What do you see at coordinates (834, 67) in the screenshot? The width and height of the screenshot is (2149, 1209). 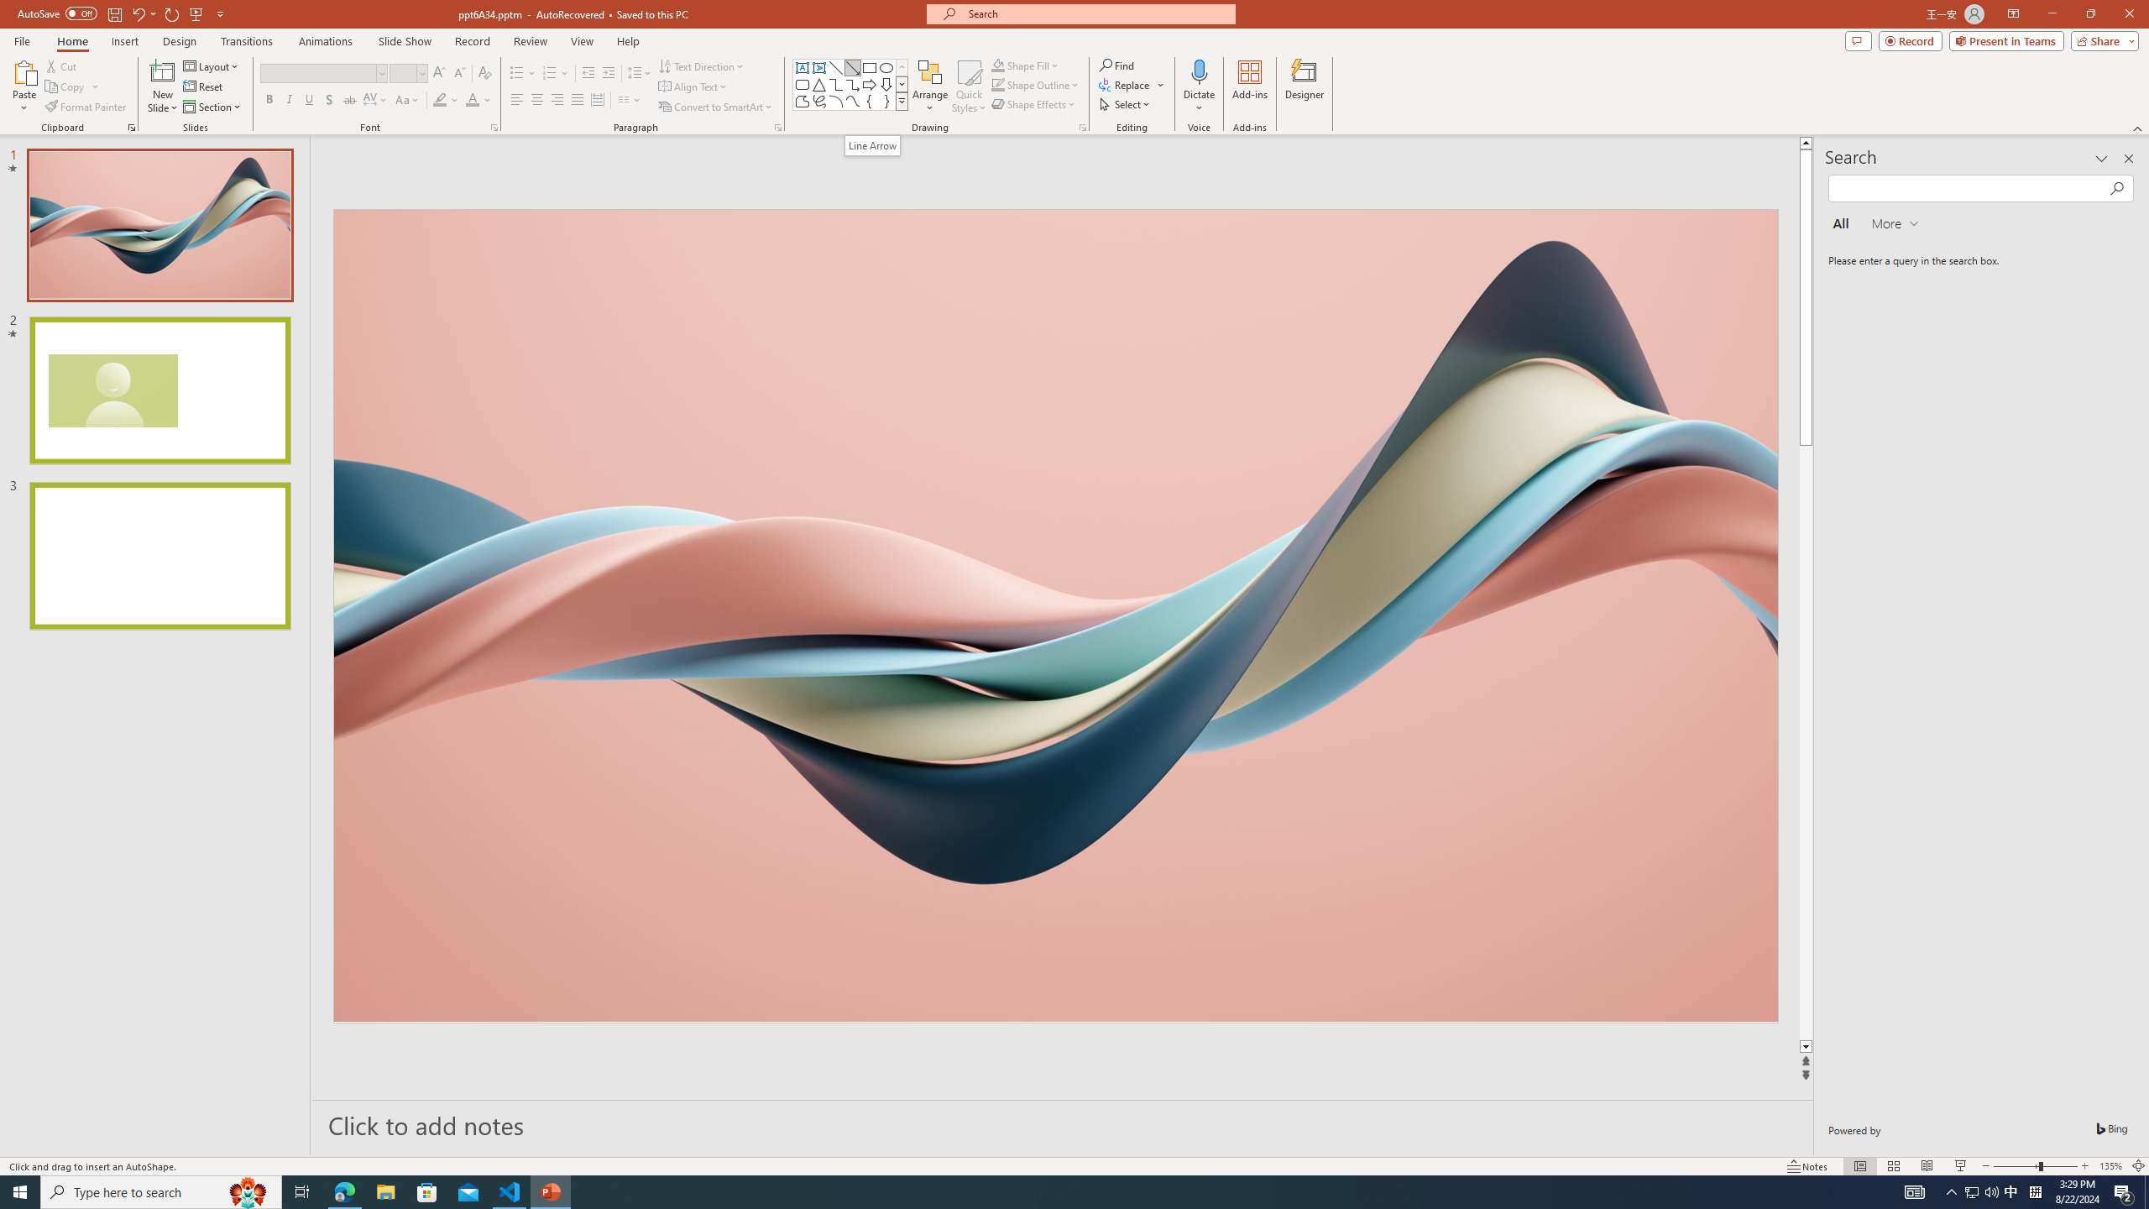 I see `'Line'` at bounding box center [834, 67].